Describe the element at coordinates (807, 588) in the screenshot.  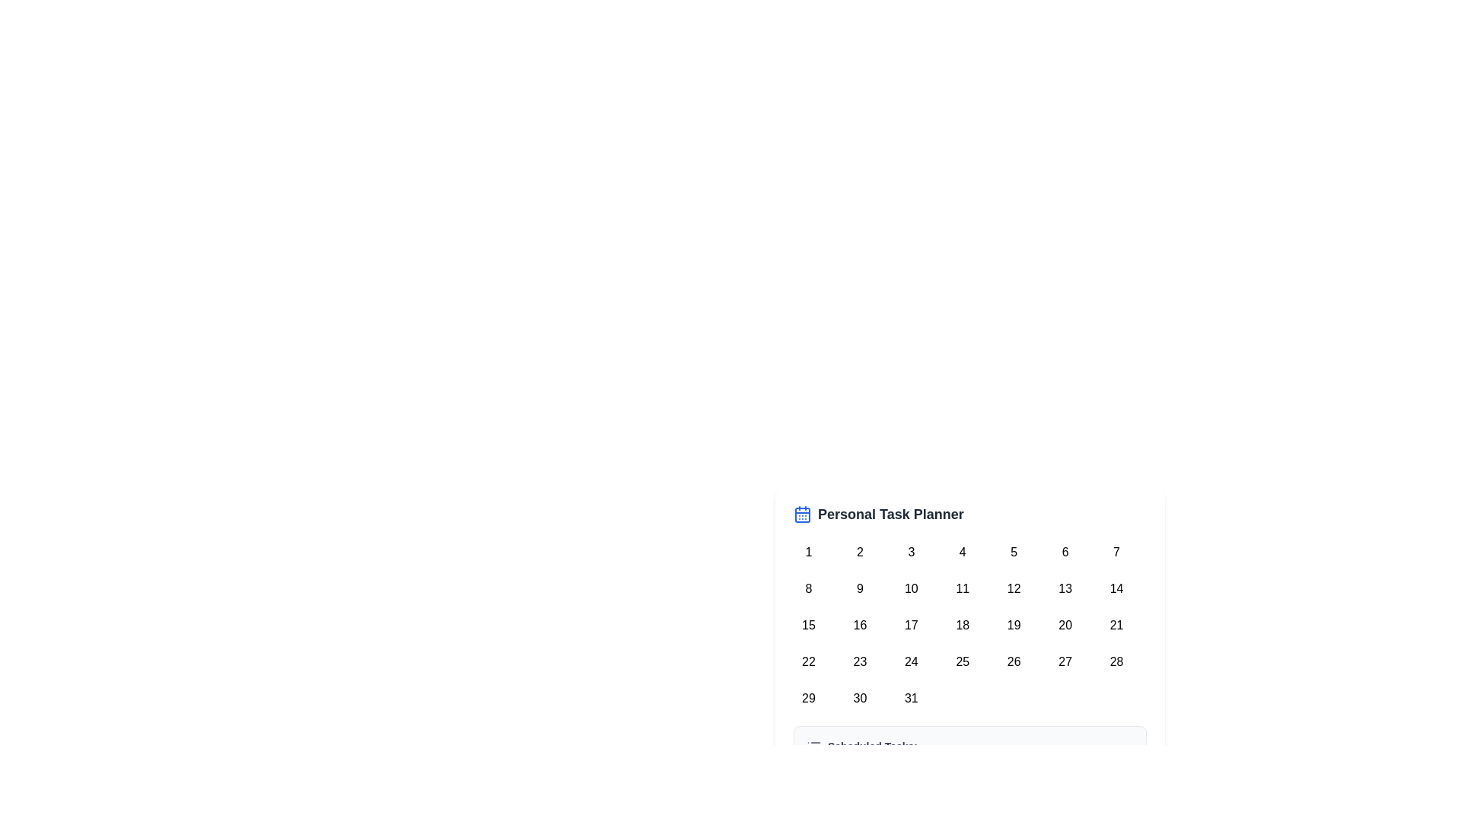
I see `the button representing the day '8' in the calendar view of the 'Personal Task Planner'` at that location.